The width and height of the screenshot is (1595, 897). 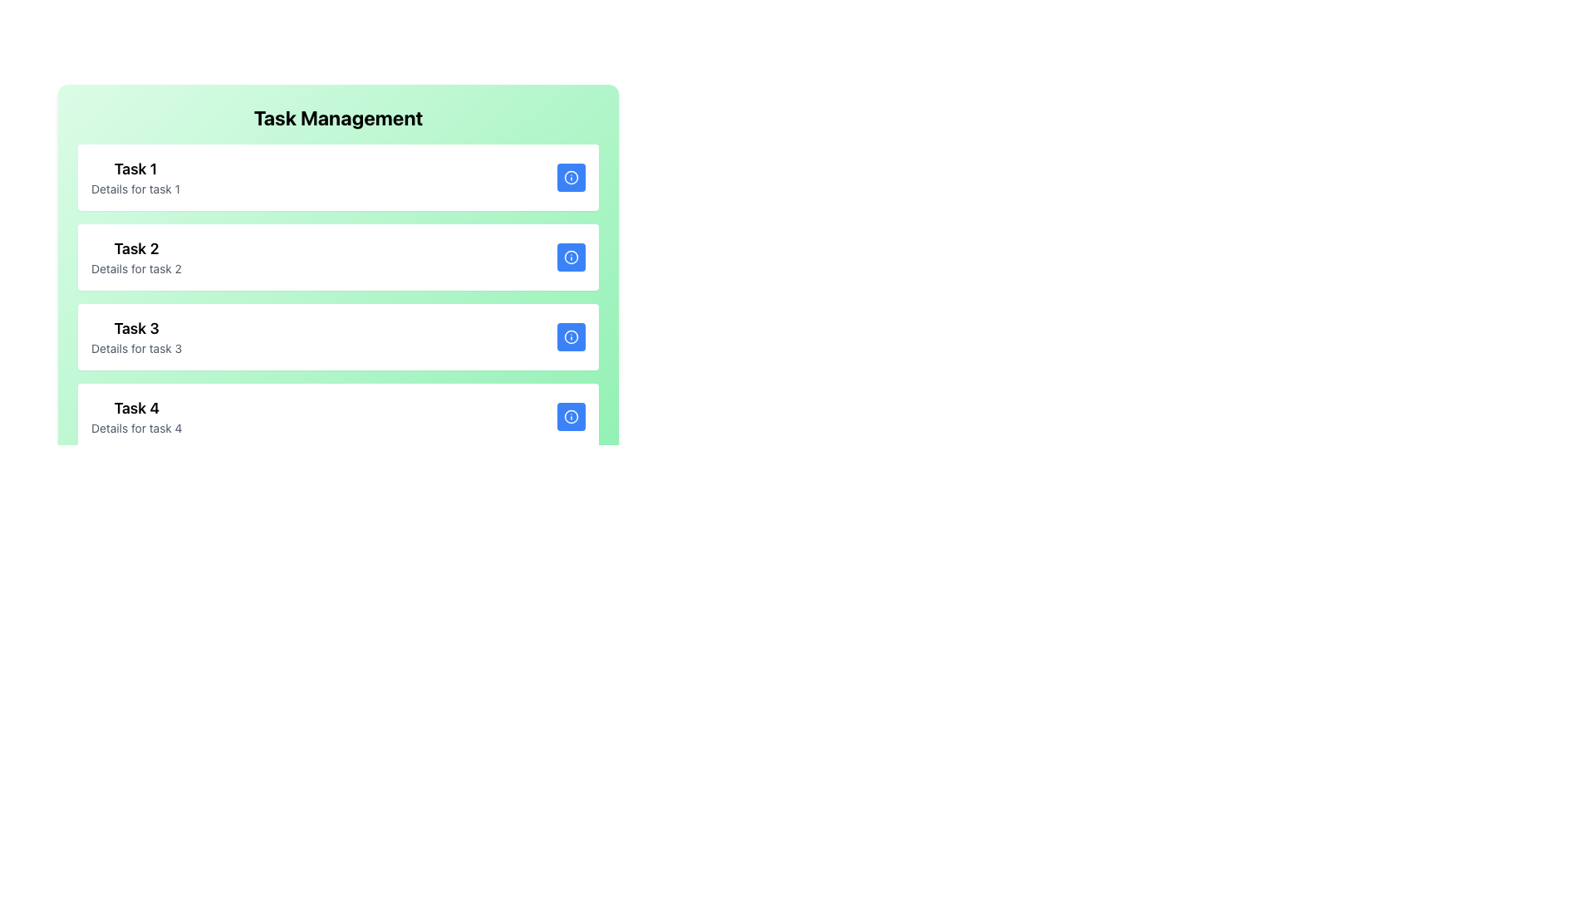 I want to click on the second task item, so click(x=337, y=257).